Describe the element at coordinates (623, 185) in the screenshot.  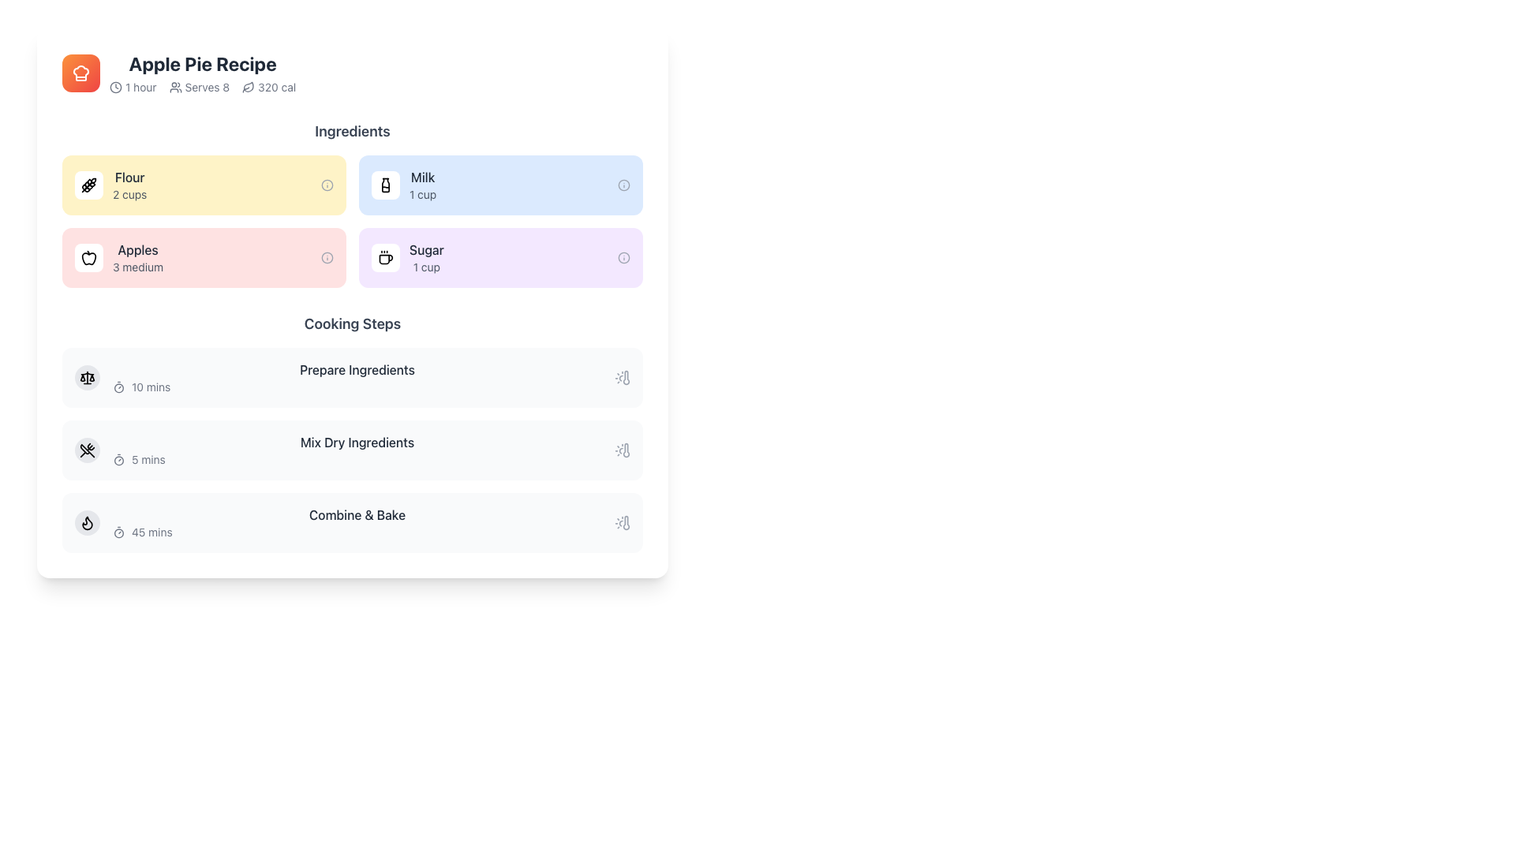
I see `the 'Information Icon' located on the right end of the blue card labeled 'Milk 1 cup' in the 'Ingredients' section` at that location.